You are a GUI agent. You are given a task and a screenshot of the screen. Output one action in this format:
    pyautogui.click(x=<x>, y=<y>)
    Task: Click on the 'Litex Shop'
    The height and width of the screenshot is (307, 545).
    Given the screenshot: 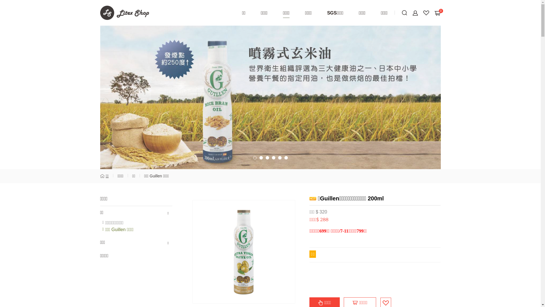 What is the action you would take?
    pyautogui.click(x=124, y=13)
    